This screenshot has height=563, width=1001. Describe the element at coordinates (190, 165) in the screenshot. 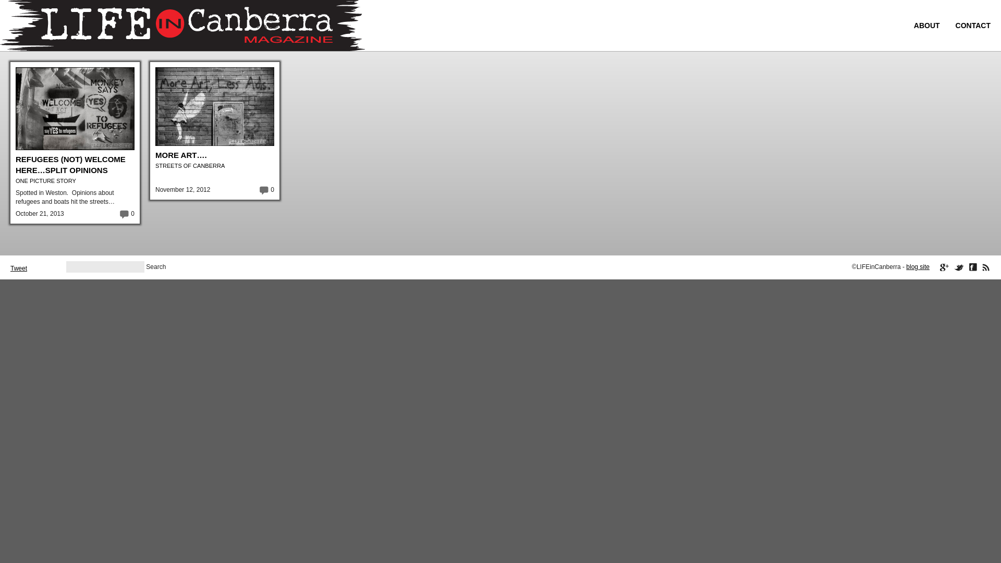

I see `'STREETS OF CANBERRA'` at that location.